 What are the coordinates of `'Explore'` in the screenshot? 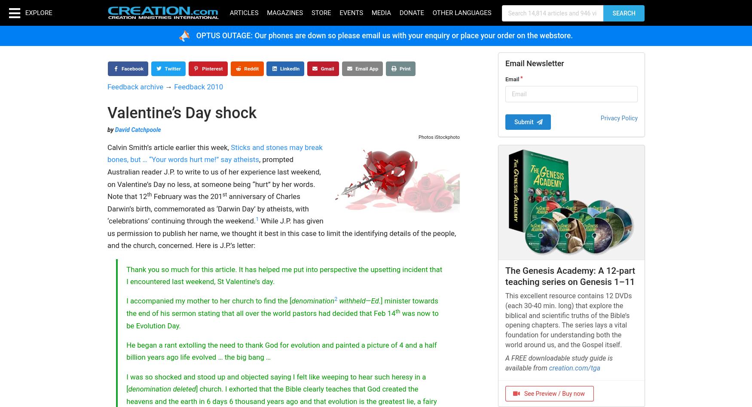 It's located at (24, 12).